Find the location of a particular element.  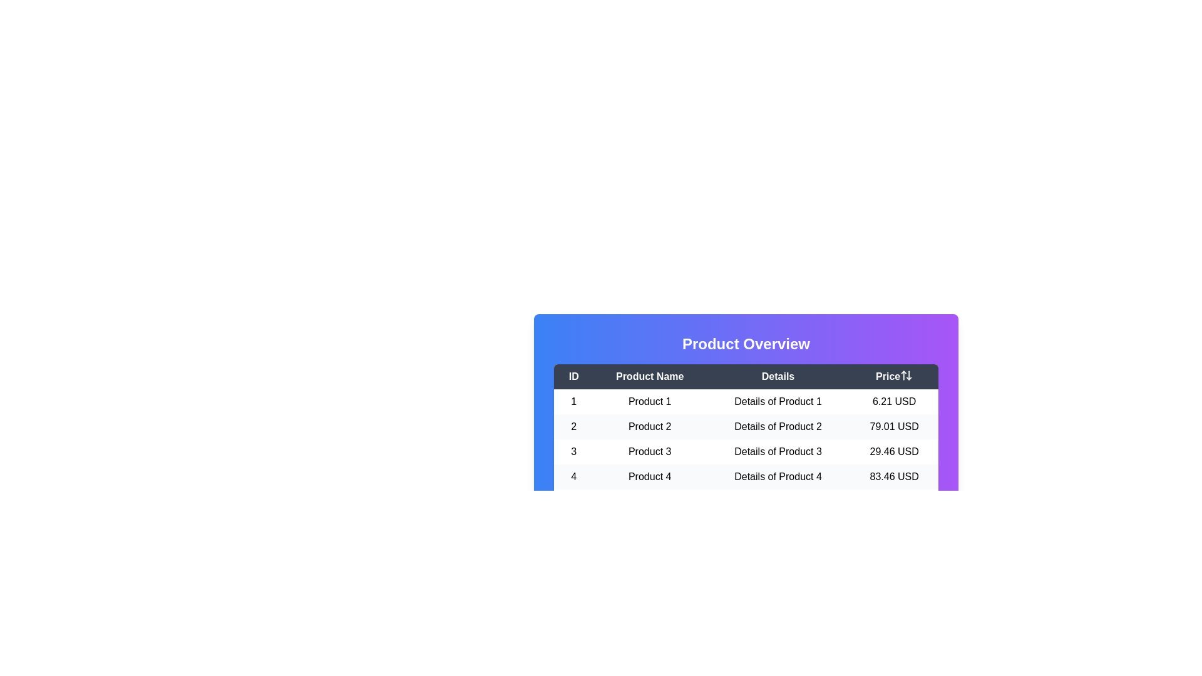

the row corresponding to 2 is located at coordinates (746, 426).